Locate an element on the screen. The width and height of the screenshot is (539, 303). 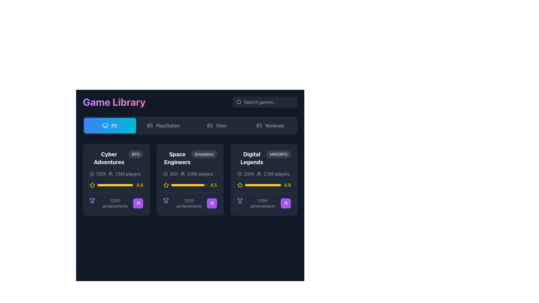
the clock icon, which is a thin, circular outline with two hands, located within the '120h' text block of the 'Cyber Adventures' card, near the top-left of the card's description is located at coordinates (92, 174).